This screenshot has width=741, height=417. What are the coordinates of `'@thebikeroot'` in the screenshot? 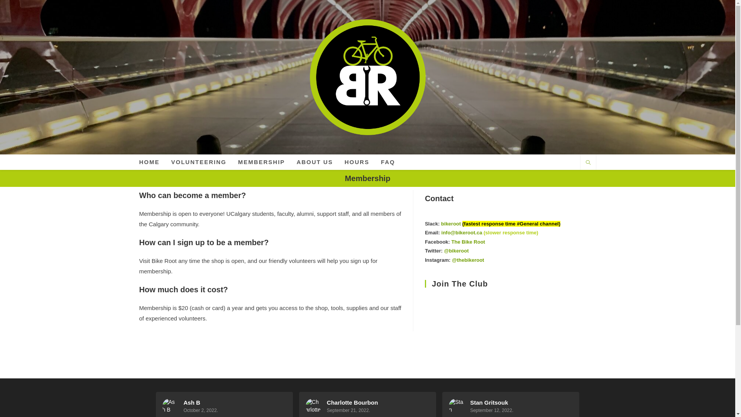 It's located at (467, 260).